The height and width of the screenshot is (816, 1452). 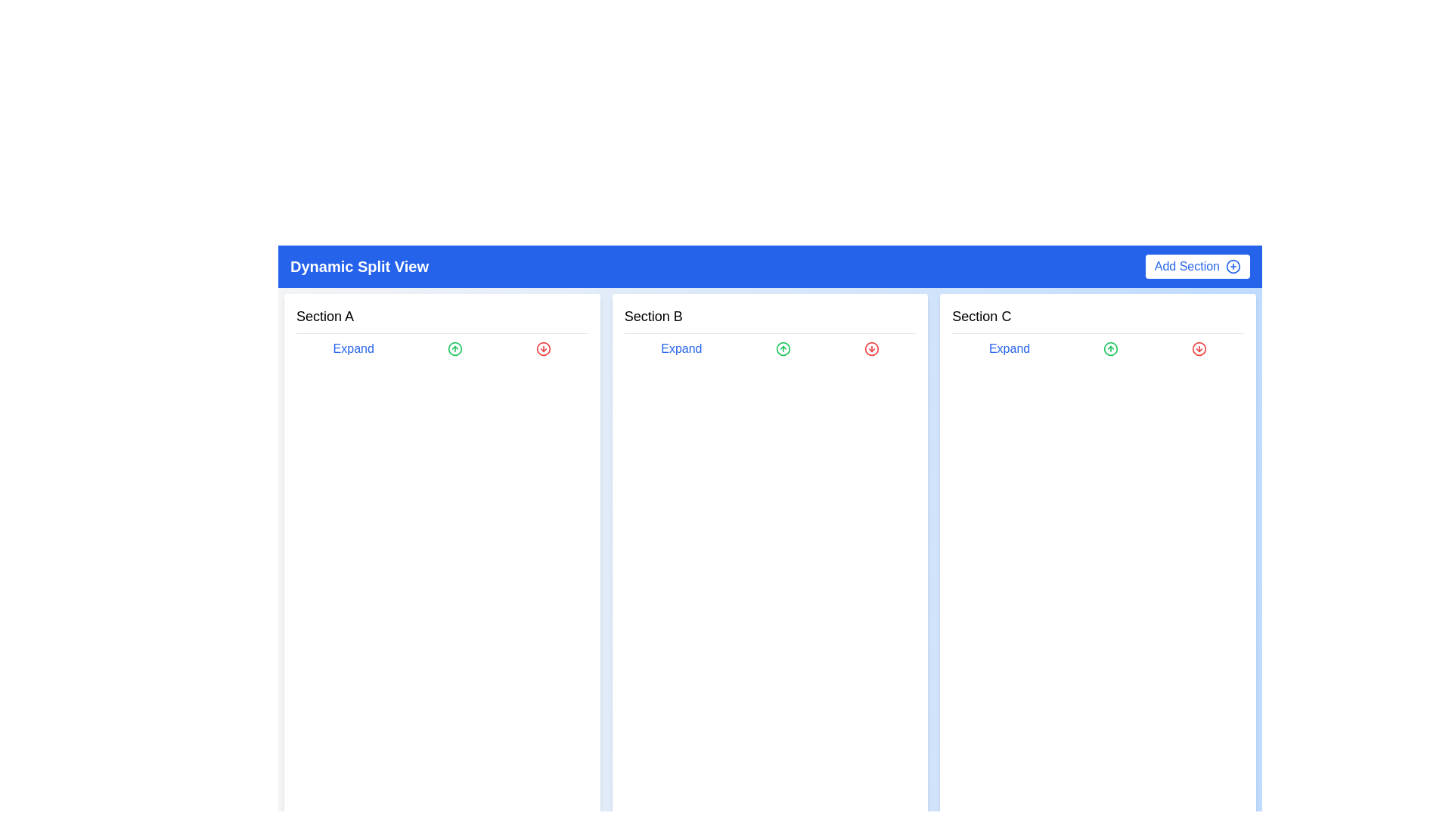 I want to click on the circular shape within the plus sign icon located to the right of the 'Add Section' button, so click(x=1233, y=266).